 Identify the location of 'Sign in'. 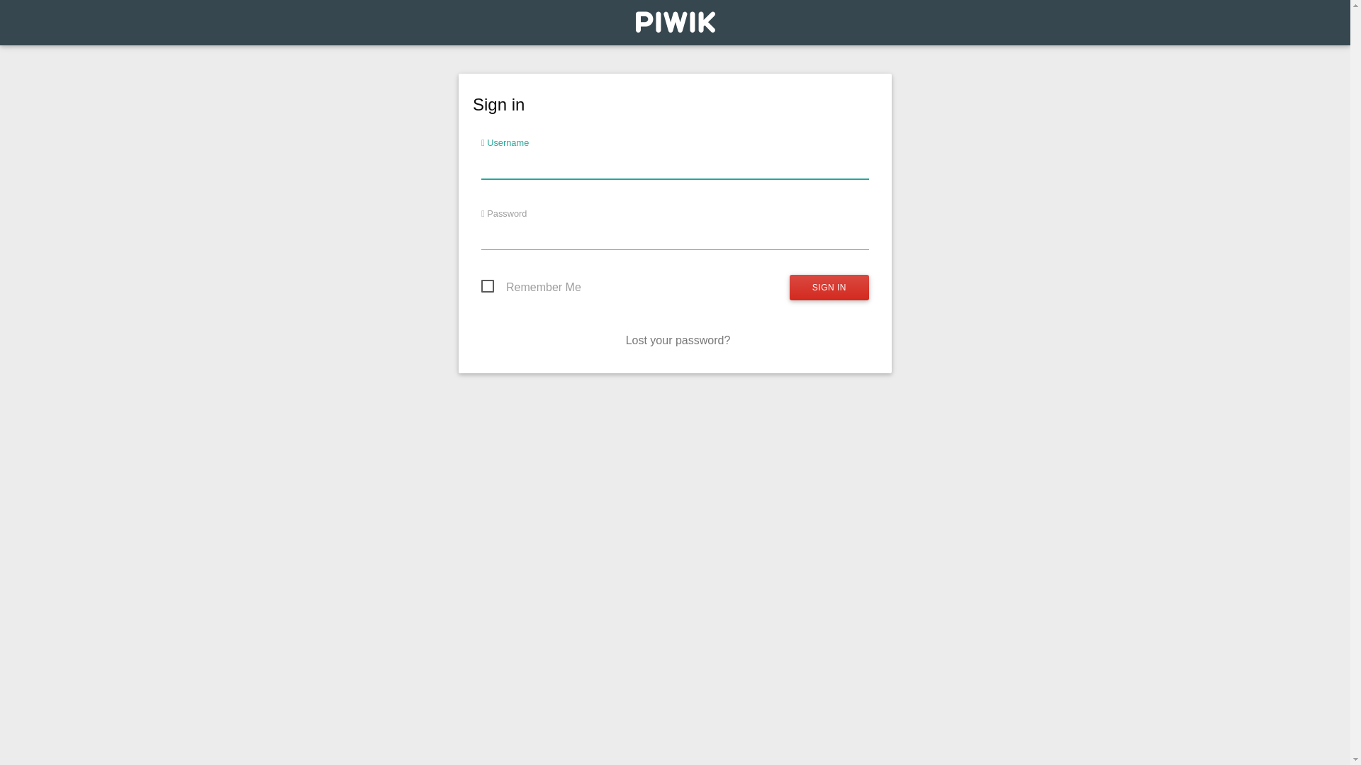
(788, 287).